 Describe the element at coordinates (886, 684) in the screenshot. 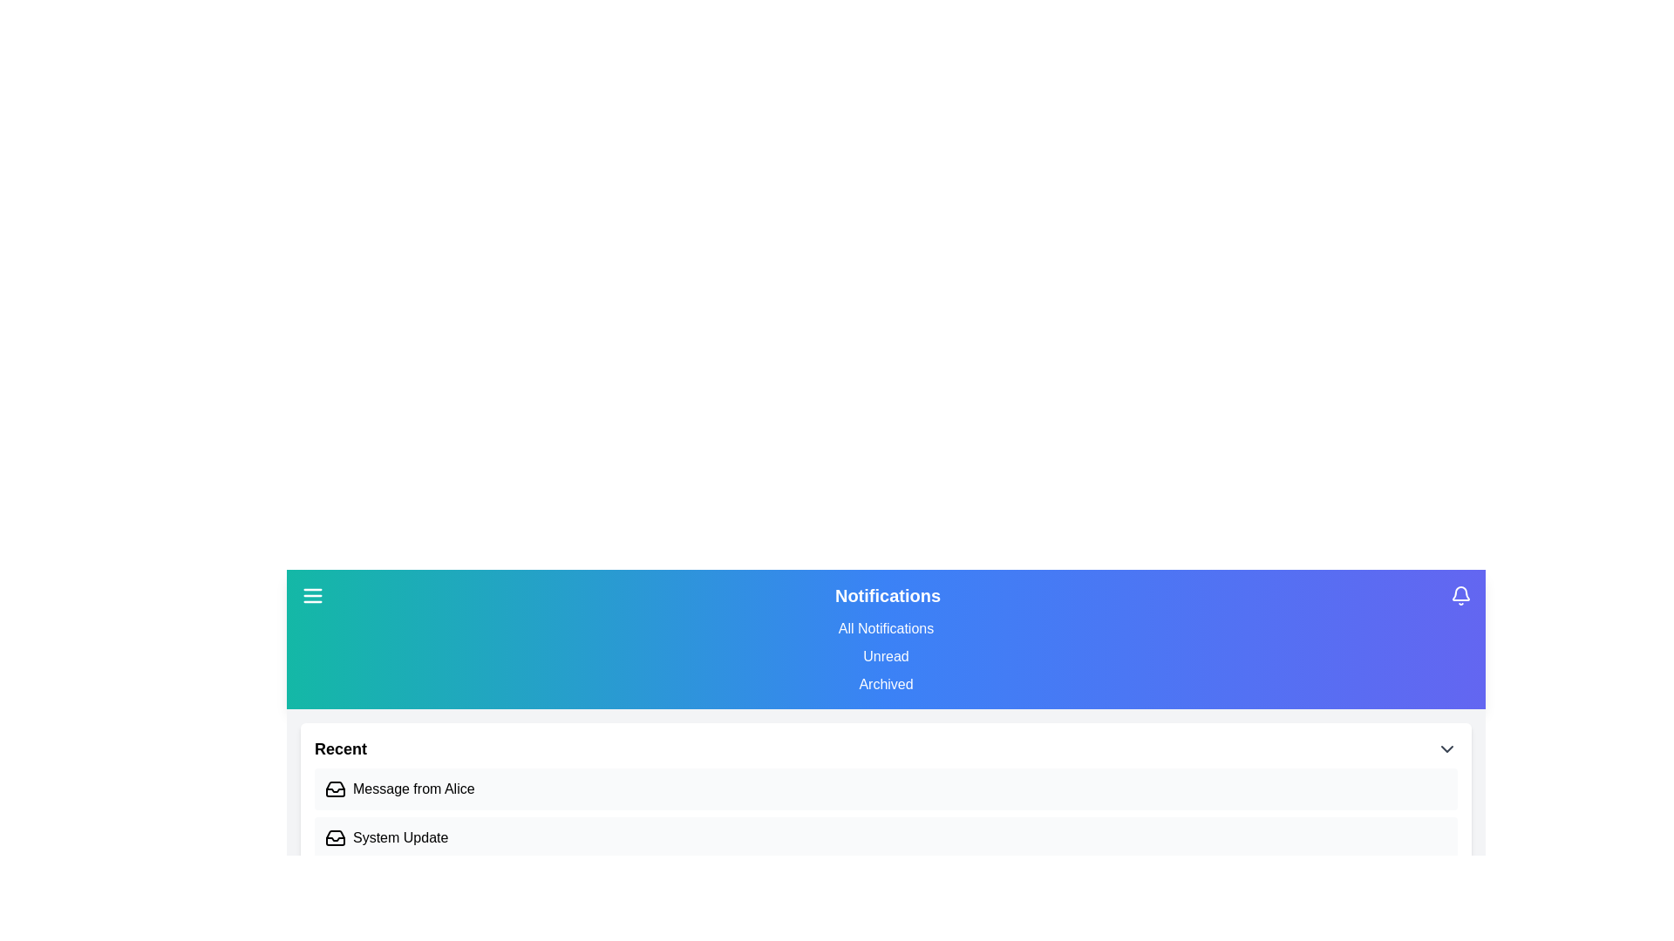

I see `the 'Archived' option to view archived notifications` at that location.